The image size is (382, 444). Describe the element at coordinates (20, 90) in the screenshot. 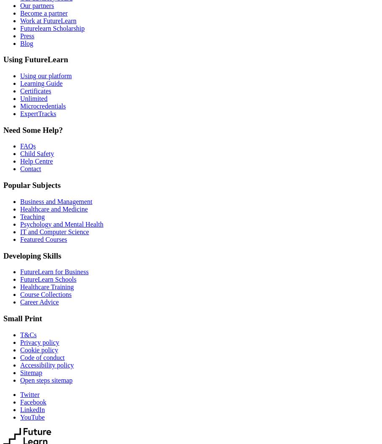

I see `'Certificates'` at that location.